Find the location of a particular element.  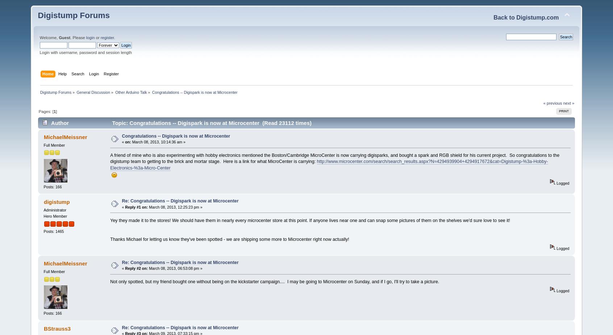

'Pages: [' is located at coordinates (46, 111).